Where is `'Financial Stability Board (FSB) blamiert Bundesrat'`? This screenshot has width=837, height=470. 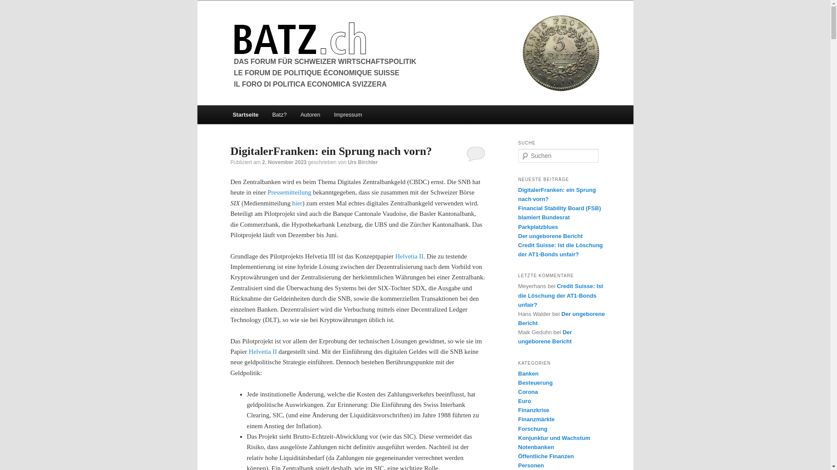 'Financial Stability Board (FSB) blamiert Bundesrat' is located at coordinates (559, 213).